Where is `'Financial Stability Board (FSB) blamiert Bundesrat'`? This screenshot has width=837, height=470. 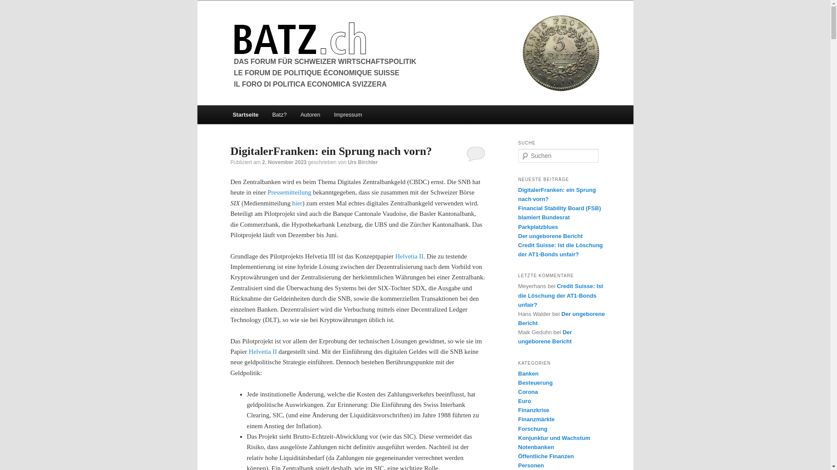 'Financial Stability Board (FSB) blamiert Bundesrat' is located at coordinates (559, 213).